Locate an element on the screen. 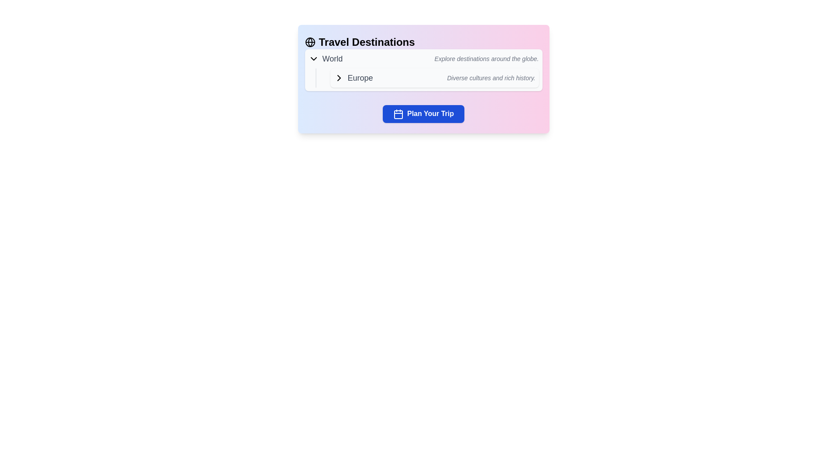 The height and width of the screenshot is (471, 838). the Rightward chevron icon located to the left of the 'Europe' label is located at coordinates (338, 77).